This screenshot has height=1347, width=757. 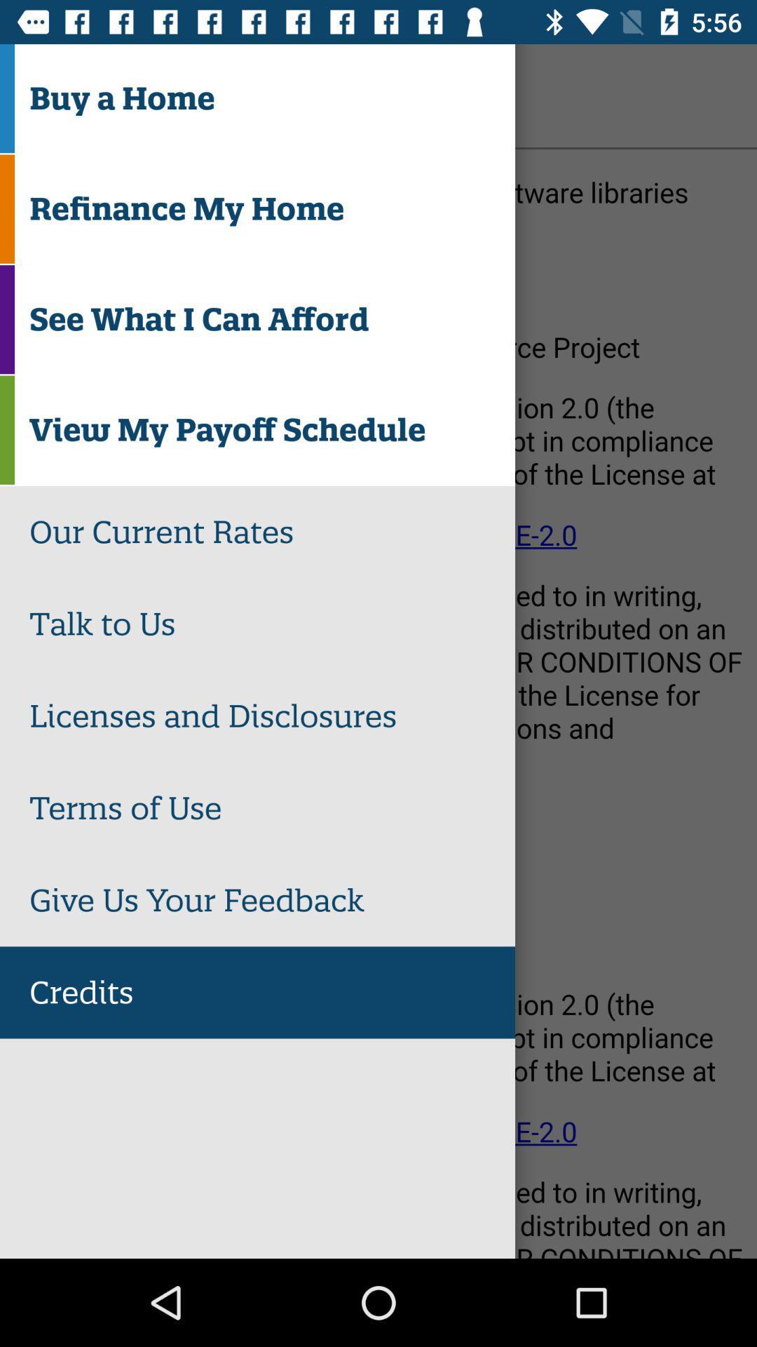 I want to click on terms of use icon, so click(x=272, y=808).